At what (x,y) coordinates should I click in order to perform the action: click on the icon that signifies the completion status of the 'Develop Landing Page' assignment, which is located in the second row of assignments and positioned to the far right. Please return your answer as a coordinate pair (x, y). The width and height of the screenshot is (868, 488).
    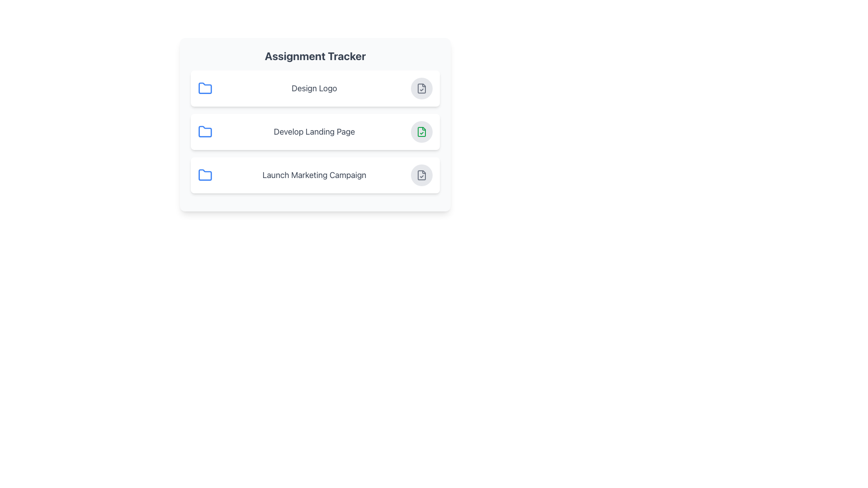
    Looking at the image, I should click on (421, 132).